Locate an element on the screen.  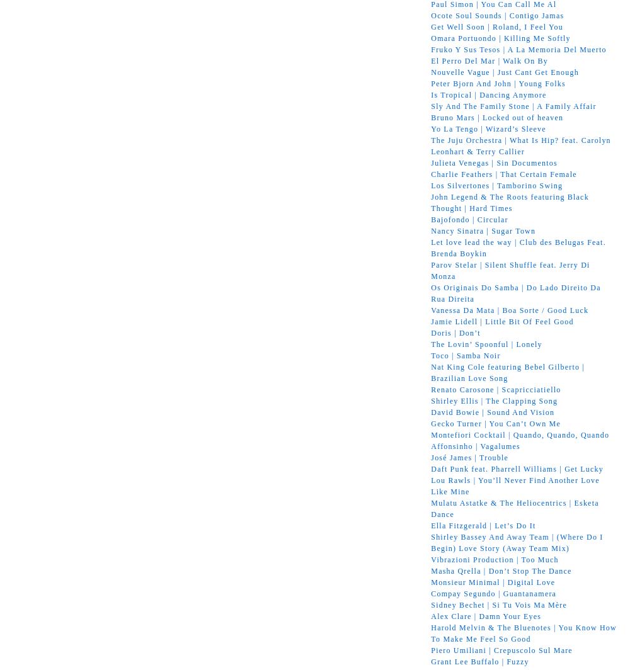
'The Lovin’ Spoonful | Lonely' is located at coordinates (486, 344).